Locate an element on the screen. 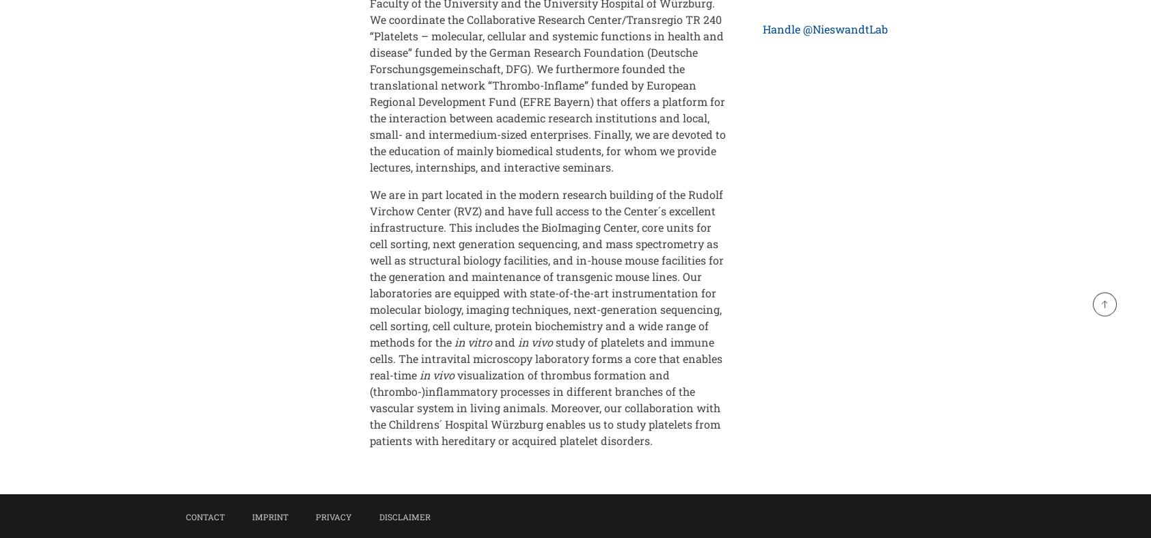 The image size is (1151, 538). 'Imprint' is located at coordinates (252, 516).